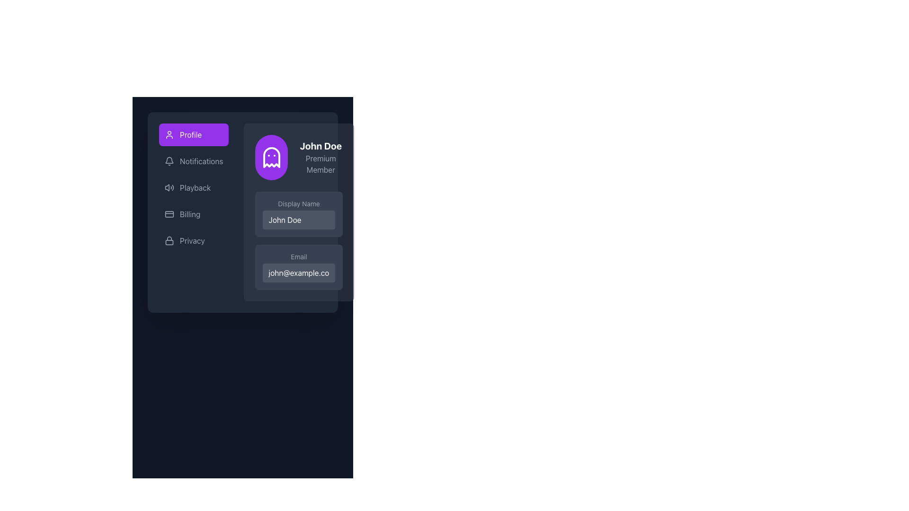 This screenshot has height=511, width=909. I want to click on text content of the text label displaying 'John Doe' in bold white font on a dark background, positioned above 'Premium Member', so click(321, 146).